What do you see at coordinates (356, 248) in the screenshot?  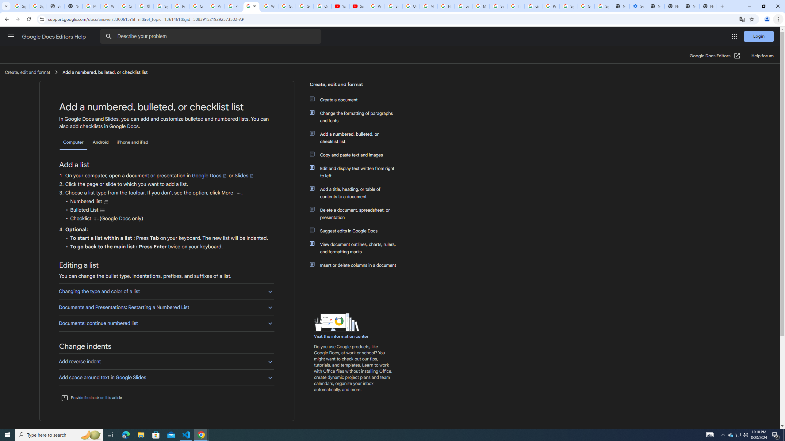 I see `'View document outlines, charts, rulers, and formatting marks'` at bounding box center [356, 248].